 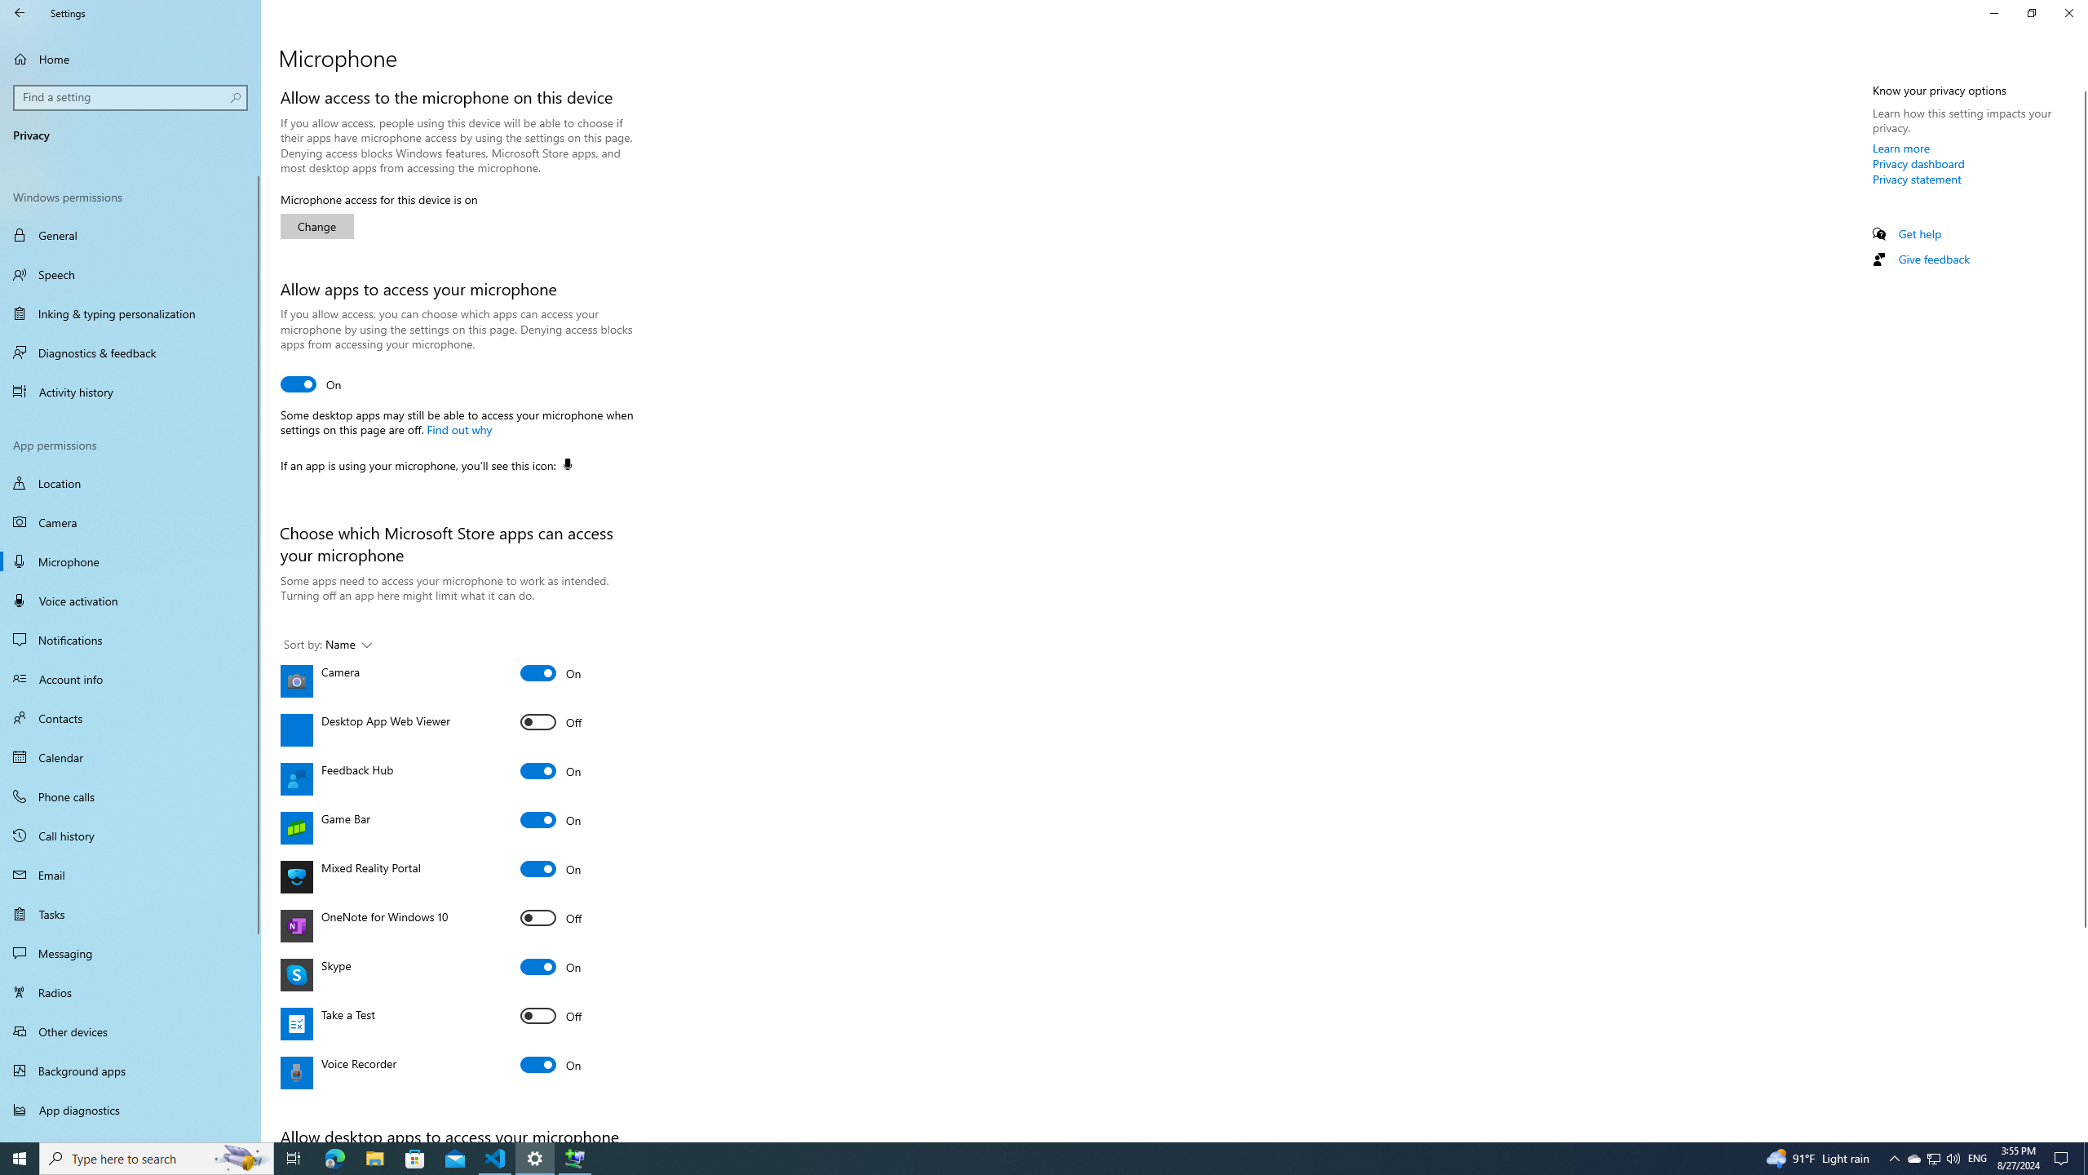 I want to click on 'Radios', so click(x=130, y=991).